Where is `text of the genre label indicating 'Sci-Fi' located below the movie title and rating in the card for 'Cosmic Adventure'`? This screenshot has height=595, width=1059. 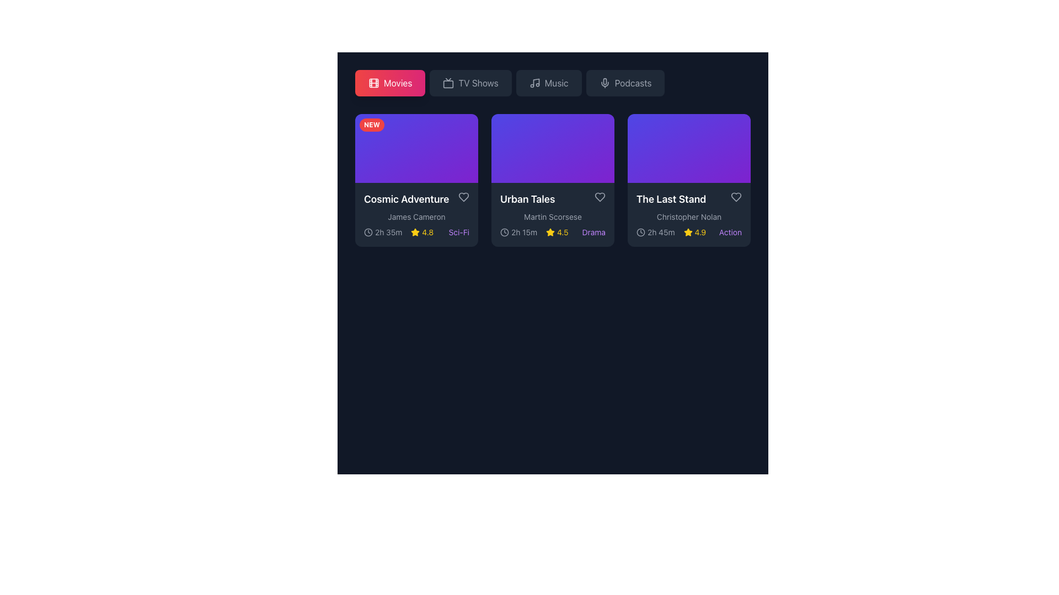
text of the genre label indicating 'Sci-Fi' located below the movie title and rating in the card for 'Cosmic Adventure' is located at coordinates (459, 232).